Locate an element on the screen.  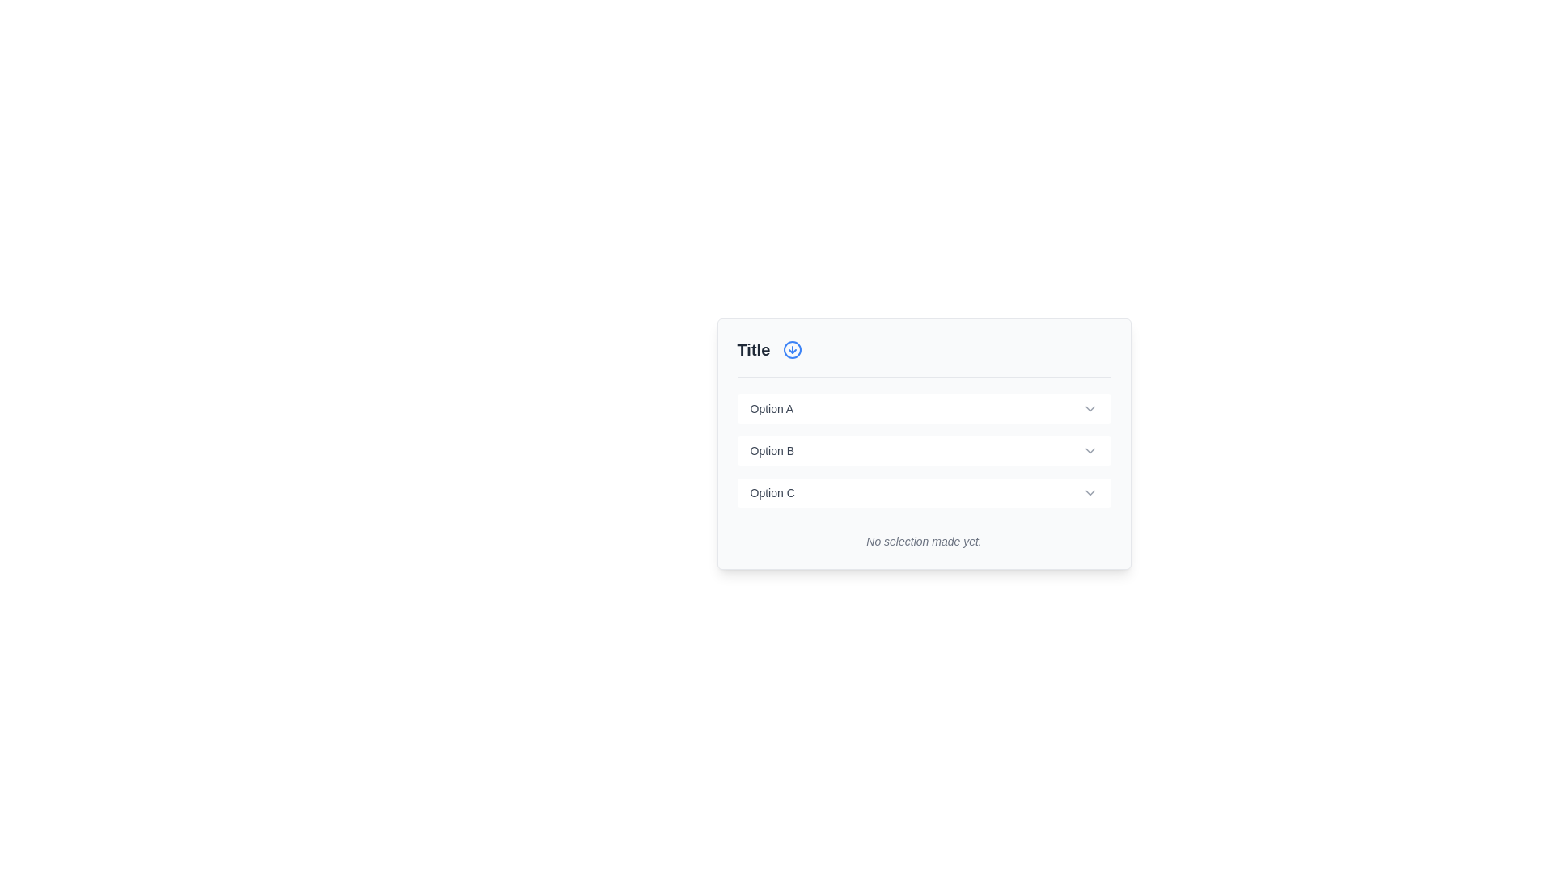
the status indicator text label that shows no option selected, located directly beneath Option C is located at coordinates (924, 535).